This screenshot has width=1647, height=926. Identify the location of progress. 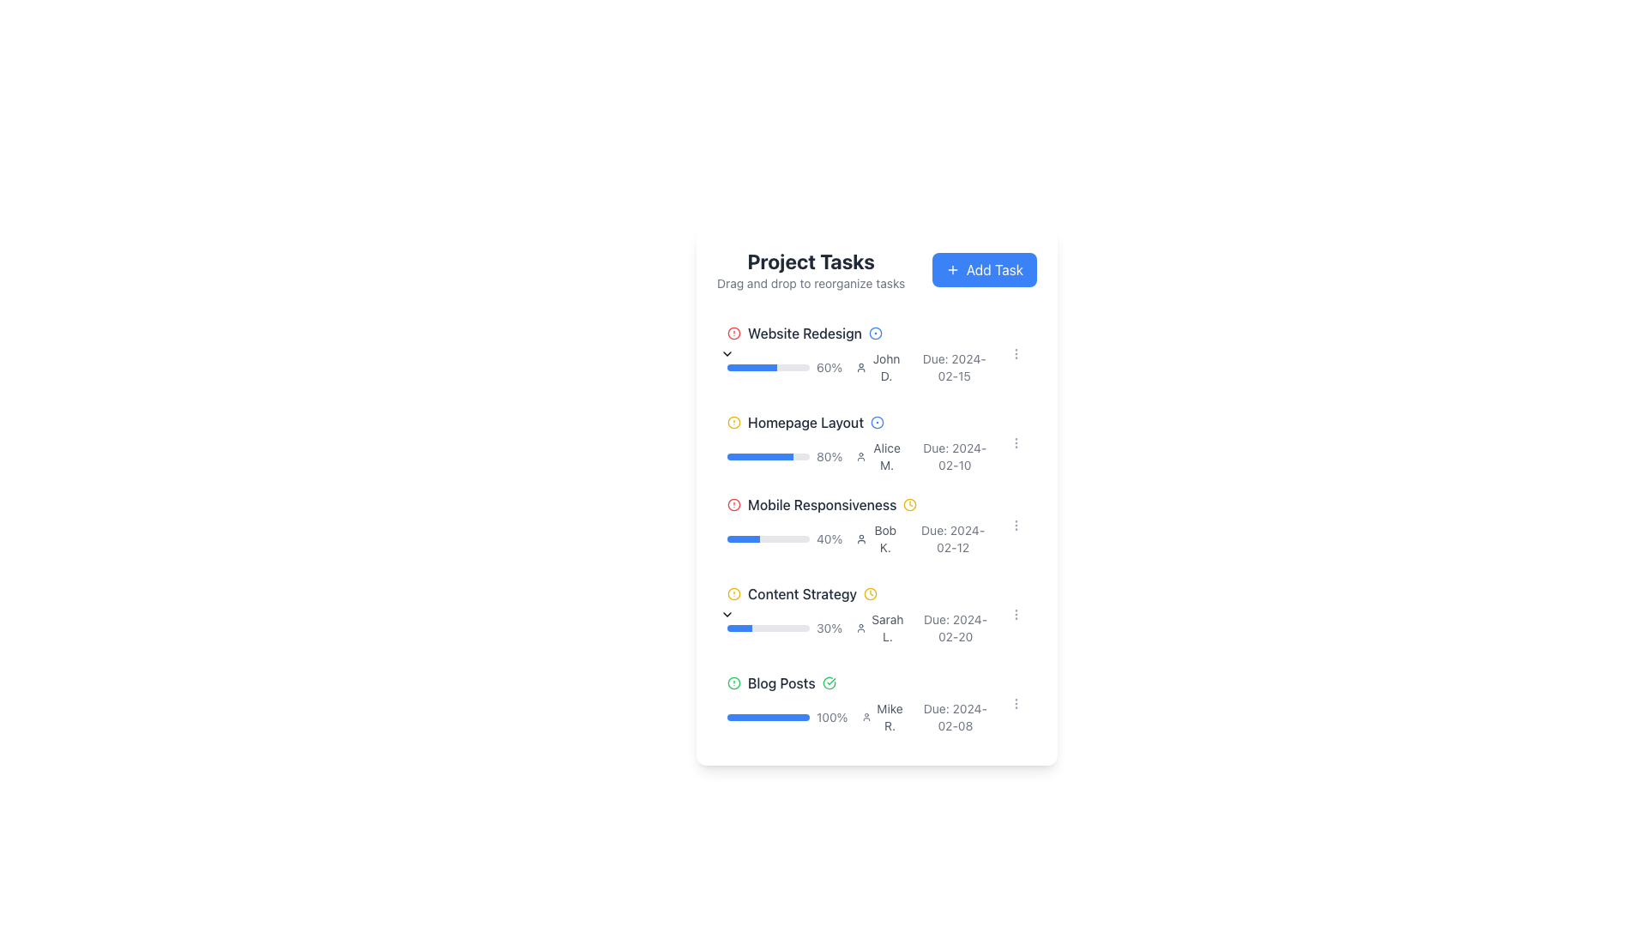
(737, 538).